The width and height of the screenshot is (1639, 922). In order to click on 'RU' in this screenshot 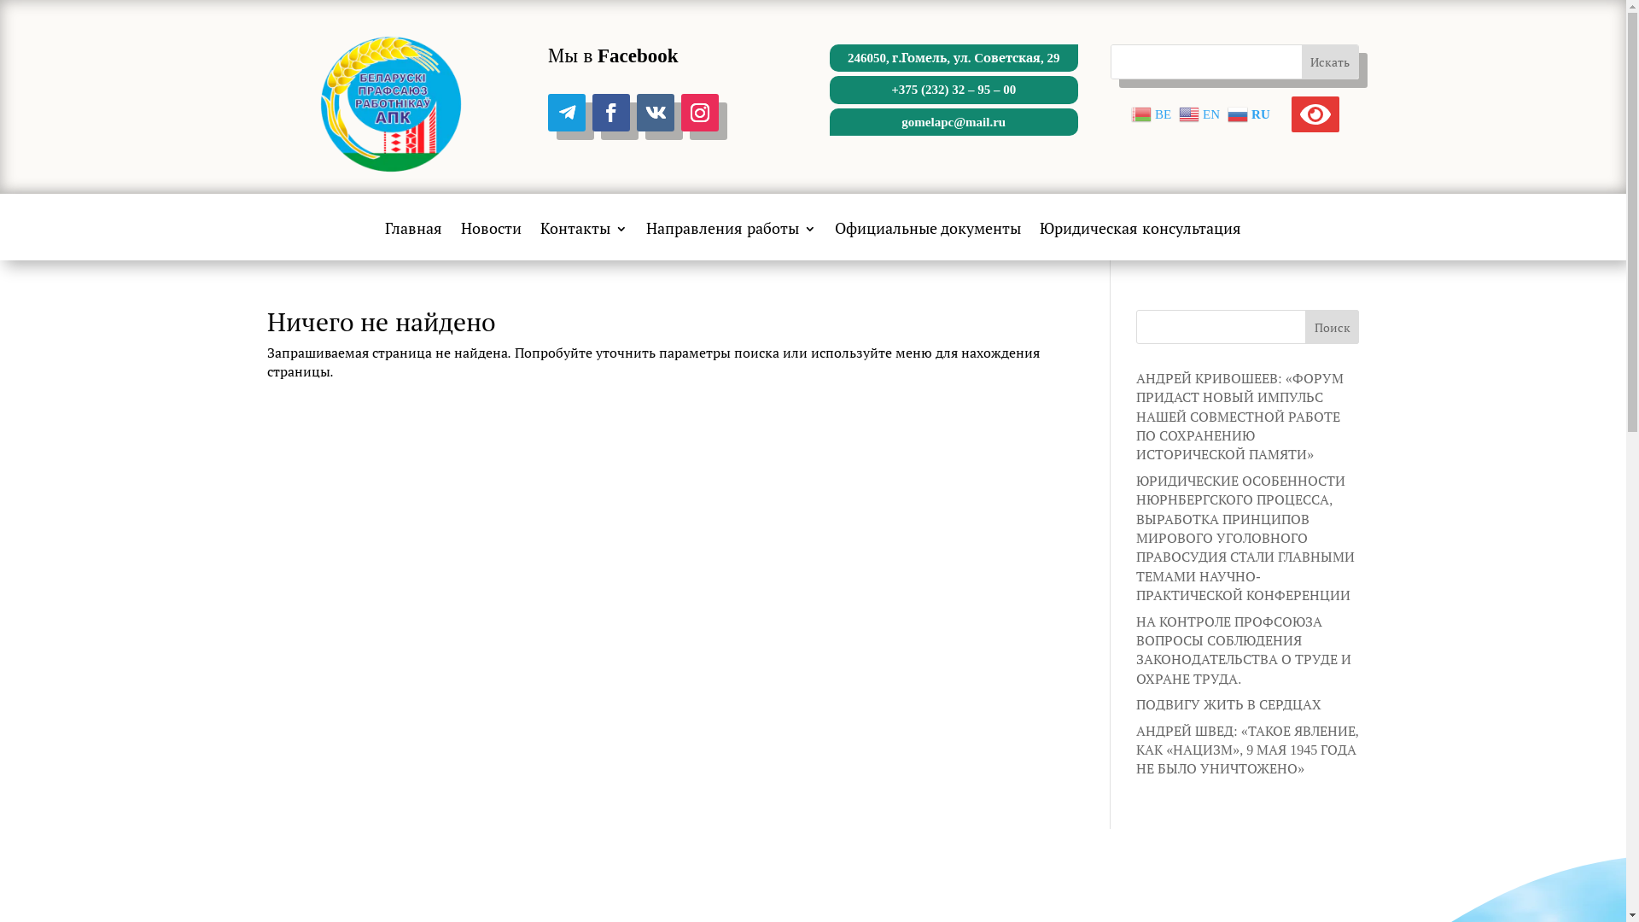, I will do `click(1251, 113)`.